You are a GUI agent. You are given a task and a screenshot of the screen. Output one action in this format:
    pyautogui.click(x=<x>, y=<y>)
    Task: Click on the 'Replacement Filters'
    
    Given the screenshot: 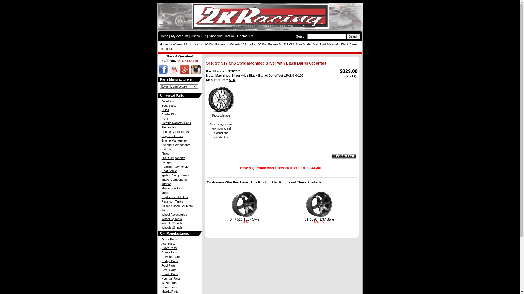 What is the action you would take?
    pyautogui.click(x=175, y=197)
    